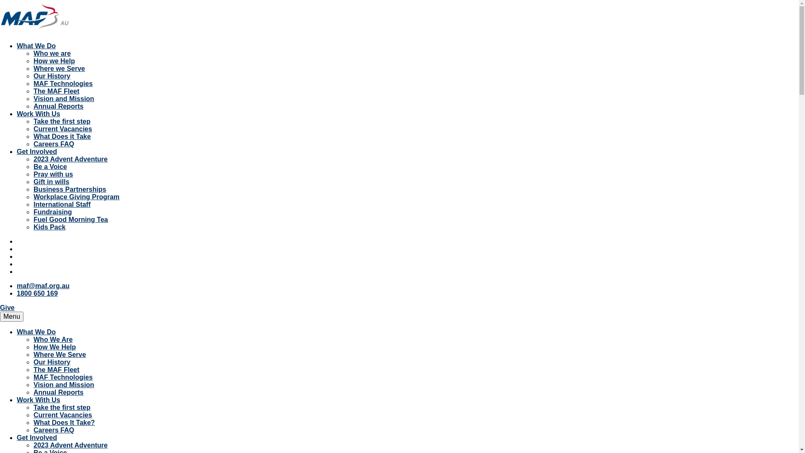 This screenshot has height=453, width=805. What do you see at coordinates (16, 285) in the screenshot?
I see `'maf@maf.org.au'` at bounding box center [16, 285].